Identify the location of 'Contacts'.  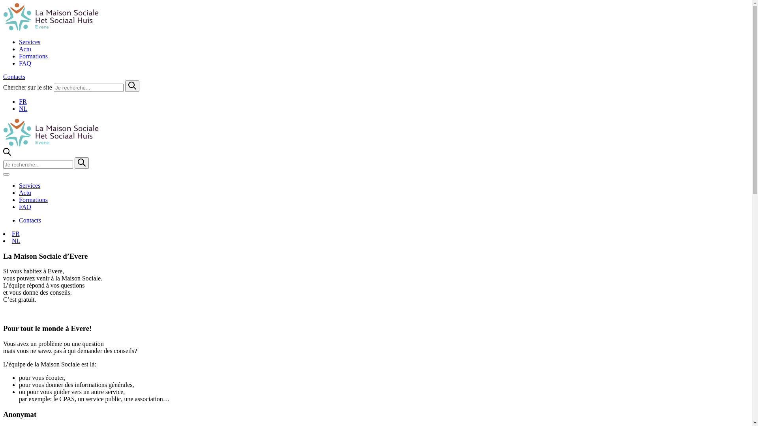
(30, 220).